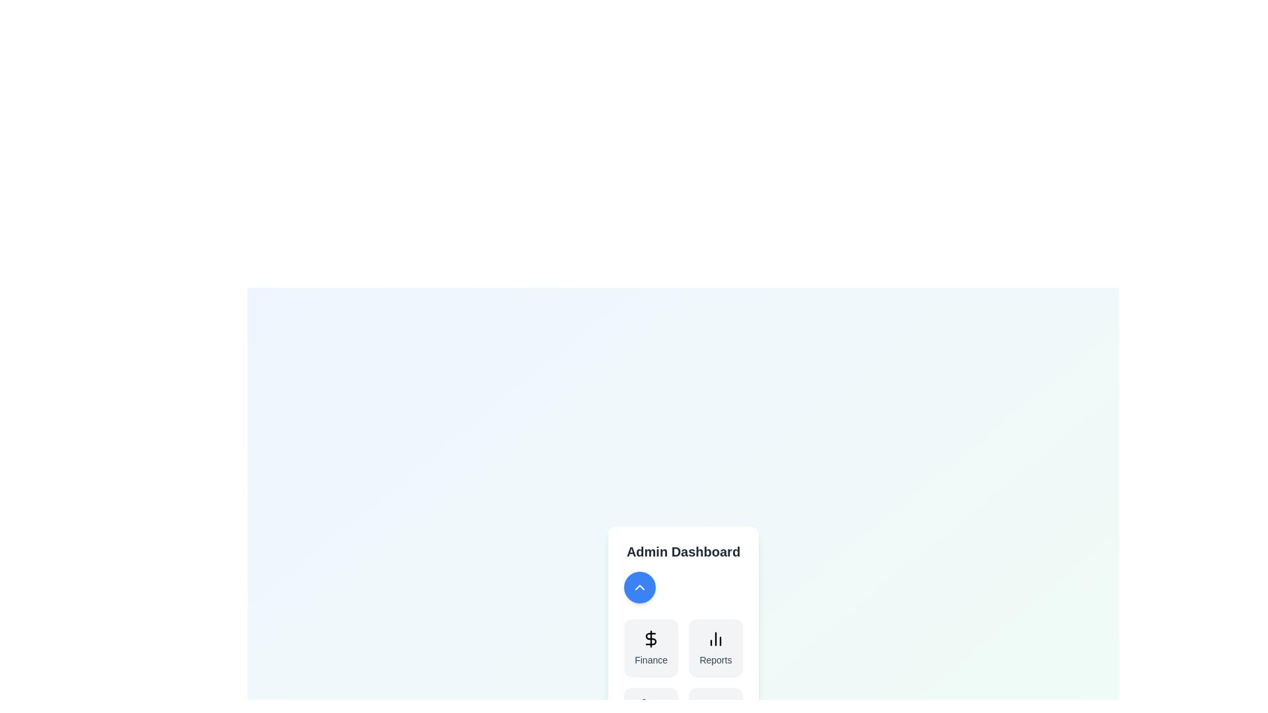 This screenshot has height=713, width=1268. I want to click on the button corresponding to Finance, so click(651, 648).